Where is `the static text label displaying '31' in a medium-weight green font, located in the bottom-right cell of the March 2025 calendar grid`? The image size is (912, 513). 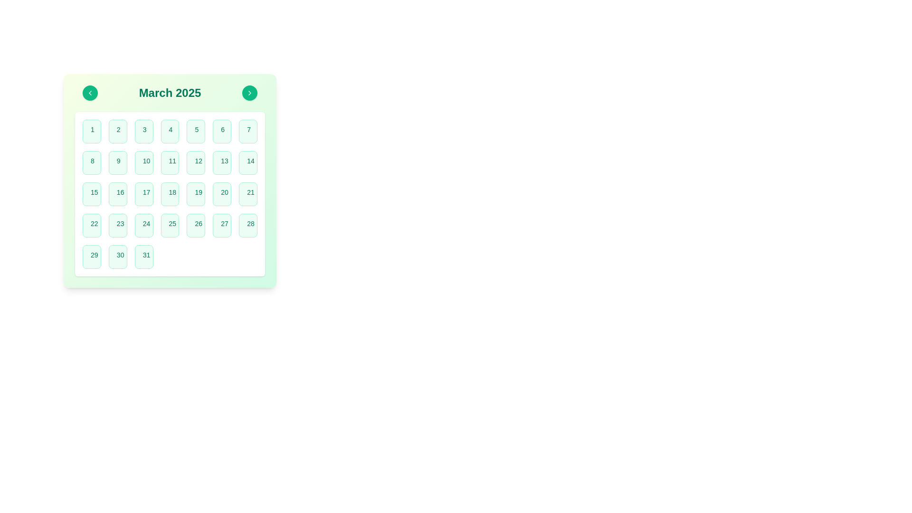
the static text label displaying '31' in a medium-weight green font, located in the bottom-right cell of the March 2025 calendar grid is located at coordinates (146, 254).